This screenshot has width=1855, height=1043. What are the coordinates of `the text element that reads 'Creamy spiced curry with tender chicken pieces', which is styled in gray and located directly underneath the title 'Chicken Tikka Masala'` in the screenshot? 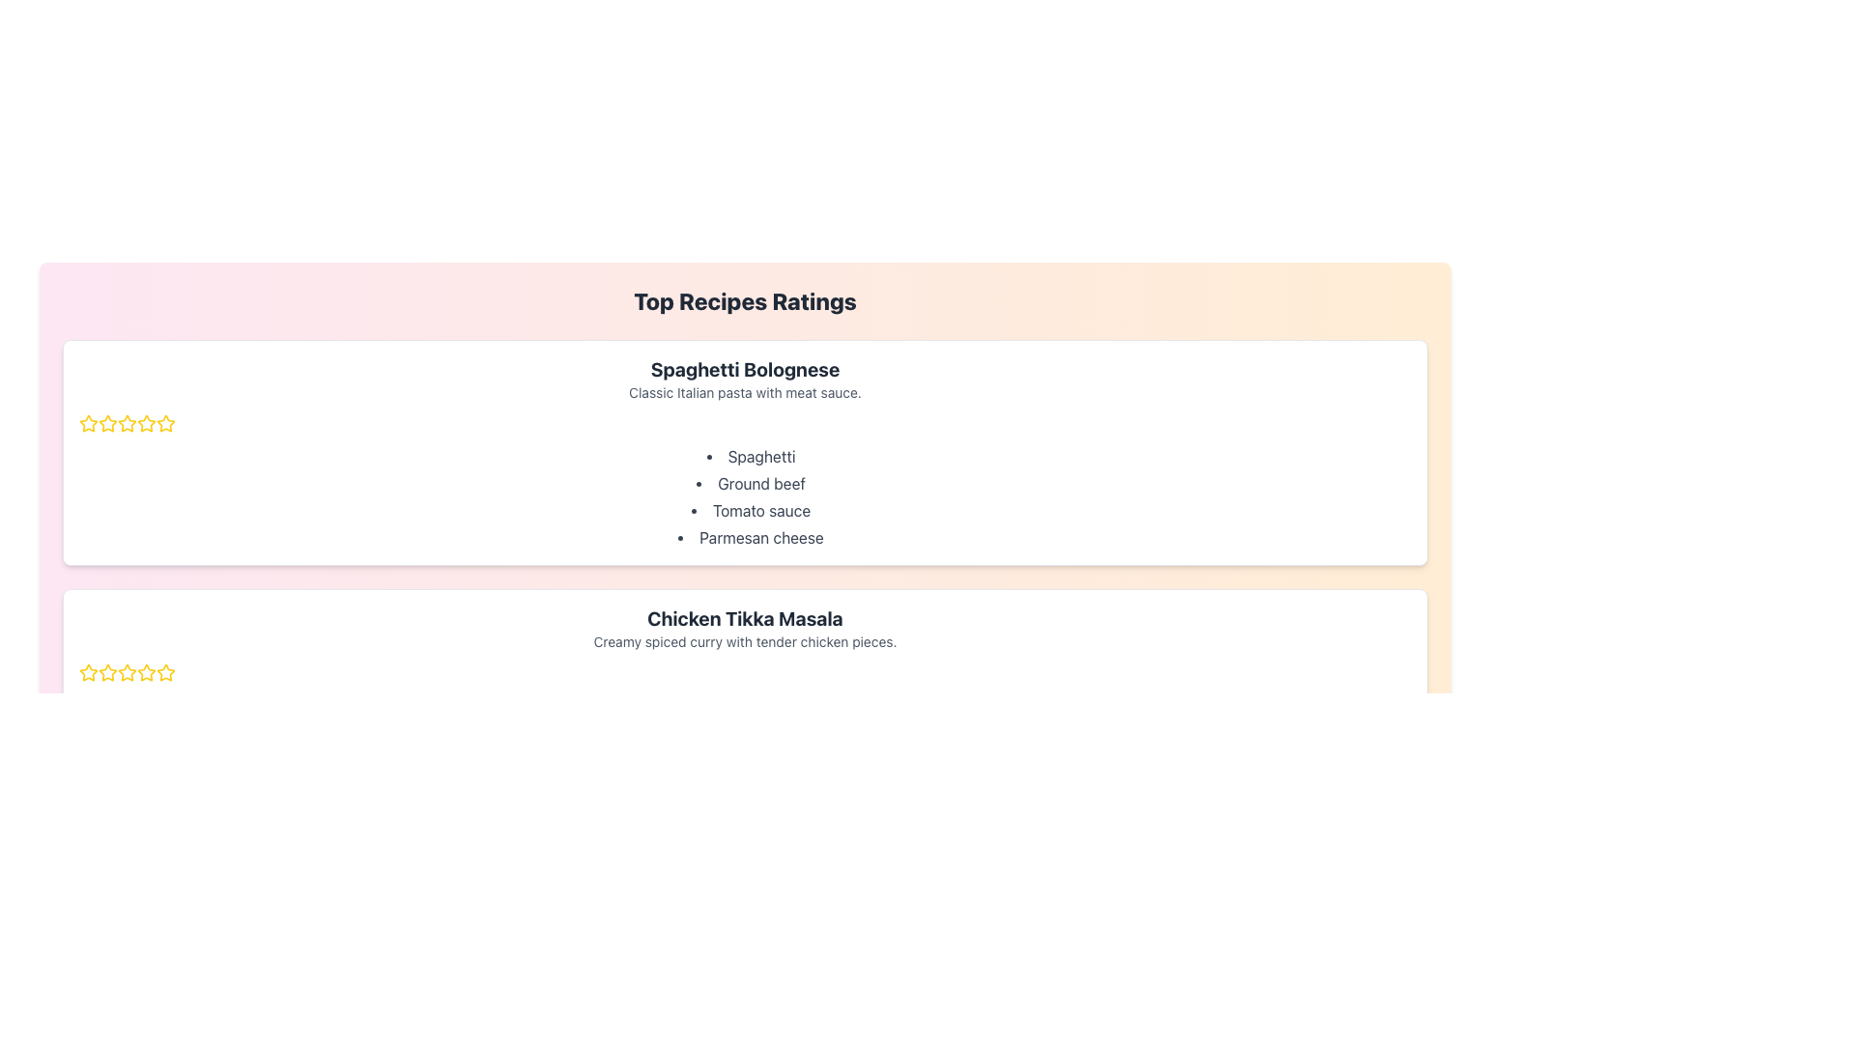 It's located at (744, 641).